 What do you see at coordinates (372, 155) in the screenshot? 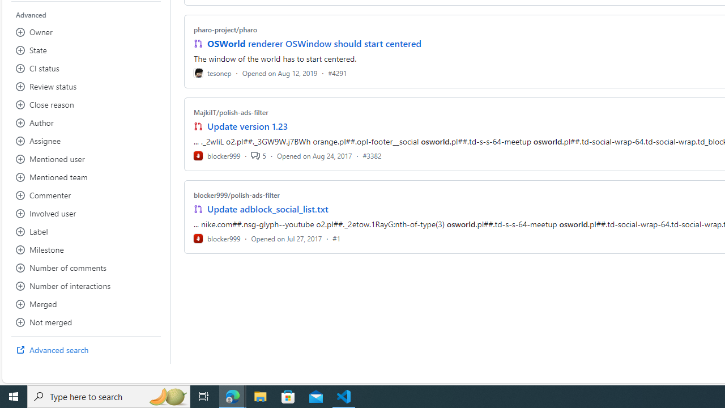
I see `'#3382'` at bounding box center [372, 155].